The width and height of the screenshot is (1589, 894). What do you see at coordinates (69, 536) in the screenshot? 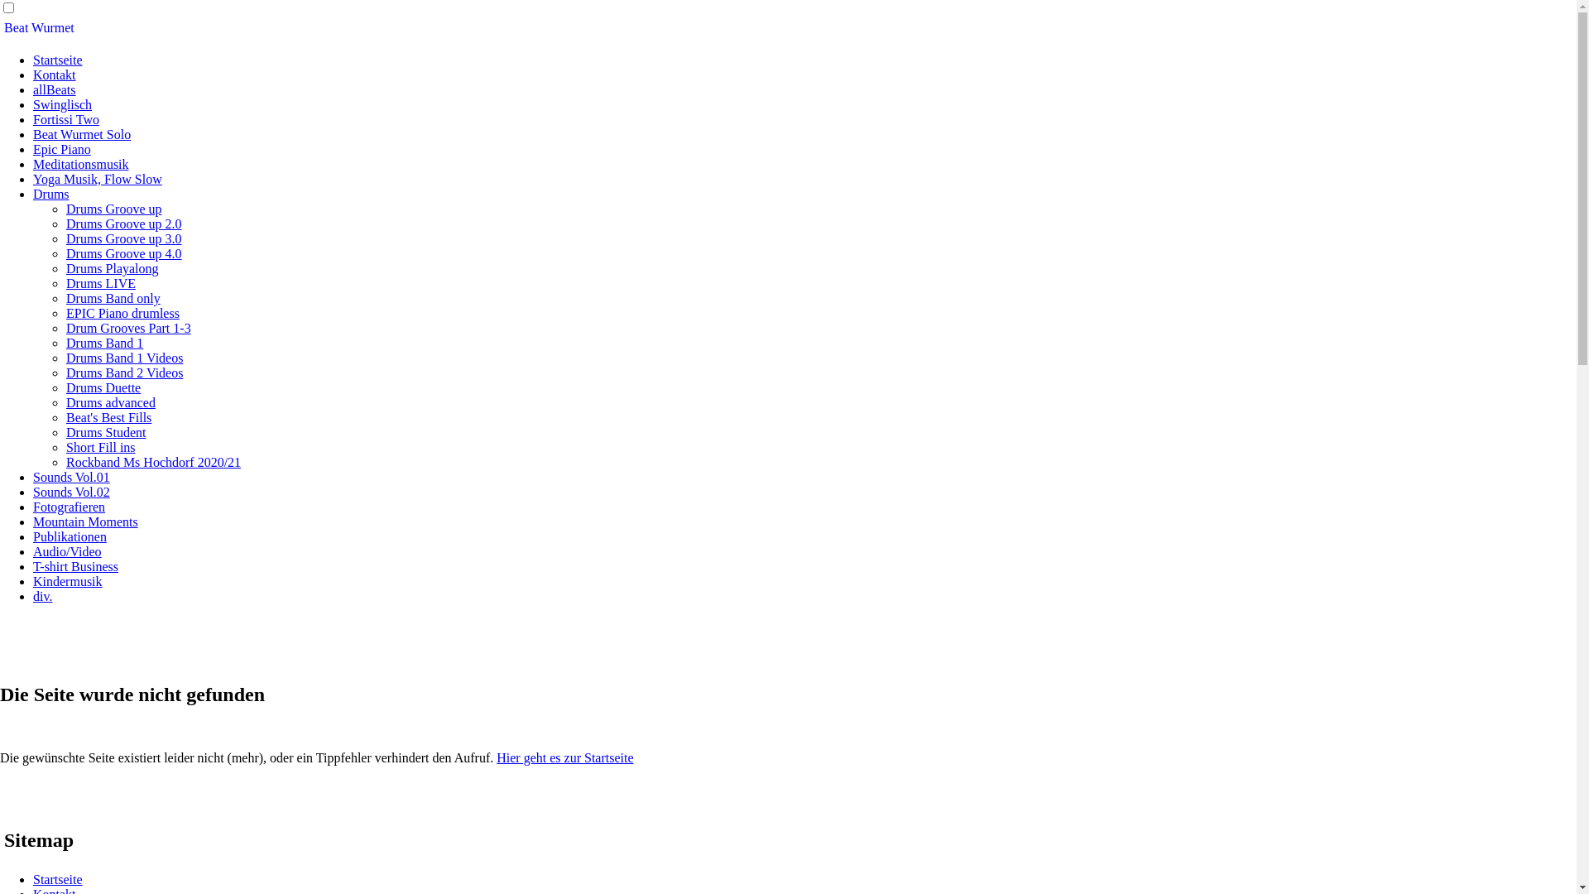
I see `'Publikationen'` at bounding box center [69, 536].